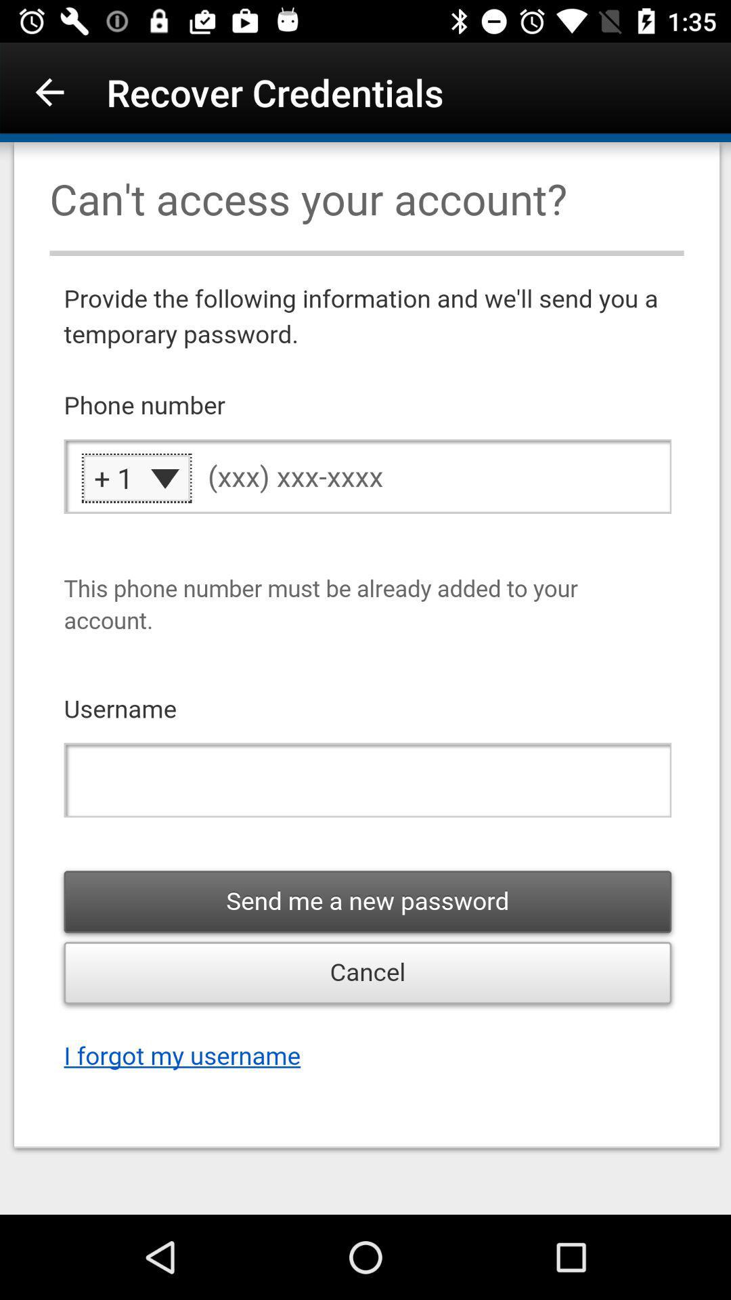 This screenshot has width=731, height=1300. What do you see at coordinates (365, 678) in the screenshot?
I see `password reset` at bounding box center [365, 678].